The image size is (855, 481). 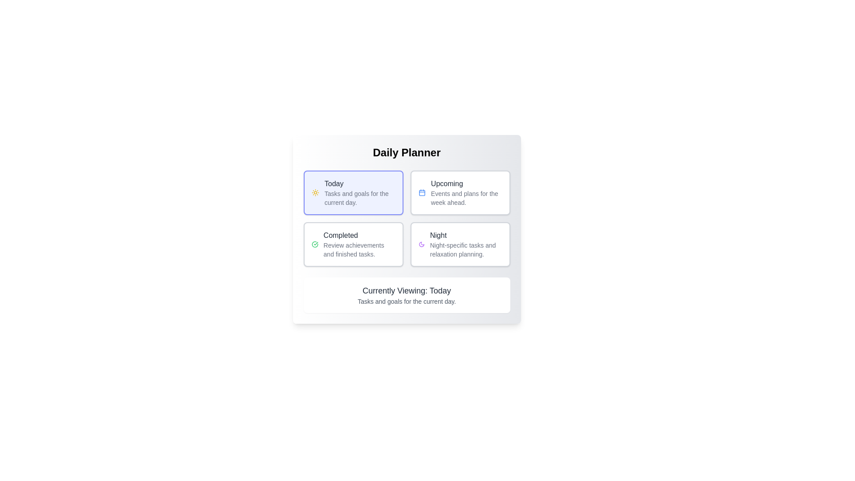 I want to click on the 'Night' text description within the button-like element in the 'Daily Planner' interface to interact with it, so click(x=465, y=244).